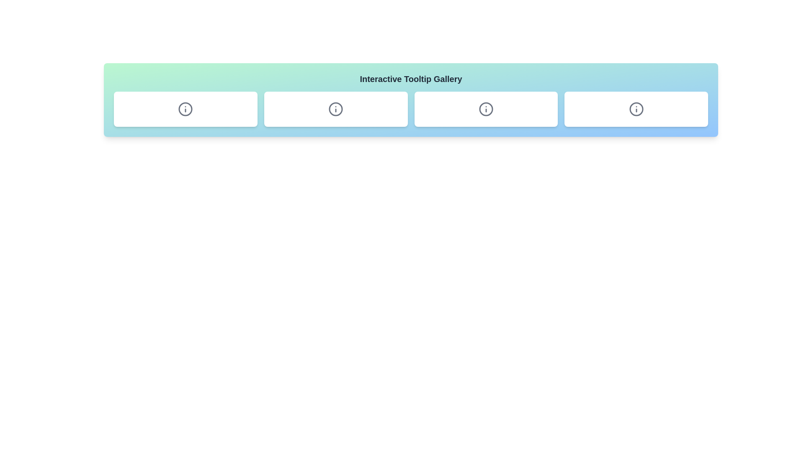 This screenshot has width=804, height=452. Describe the element at coordinates (636, 109) in the screenshot. I see `the Interactive Tooltip Icon for accessibility actions` at that location.